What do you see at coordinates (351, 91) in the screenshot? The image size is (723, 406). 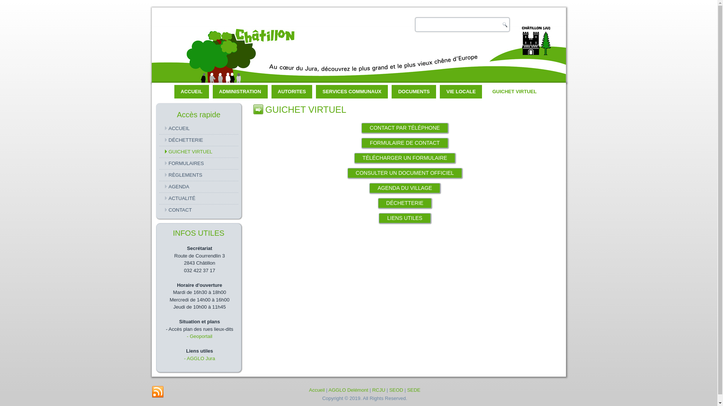 I see `'SERVICES COMMUNAUX'` at bounding box center [351, 91].